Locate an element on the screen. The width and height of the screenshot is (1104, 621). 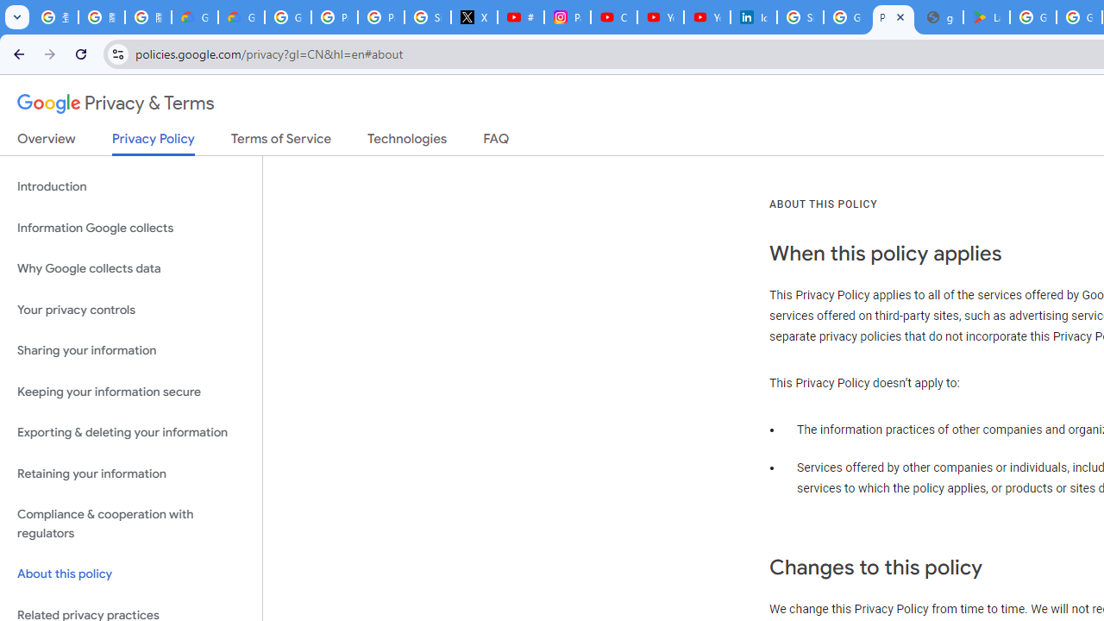
'google_privacy_policy_en.pdf' is located at coordinates (938, 17).